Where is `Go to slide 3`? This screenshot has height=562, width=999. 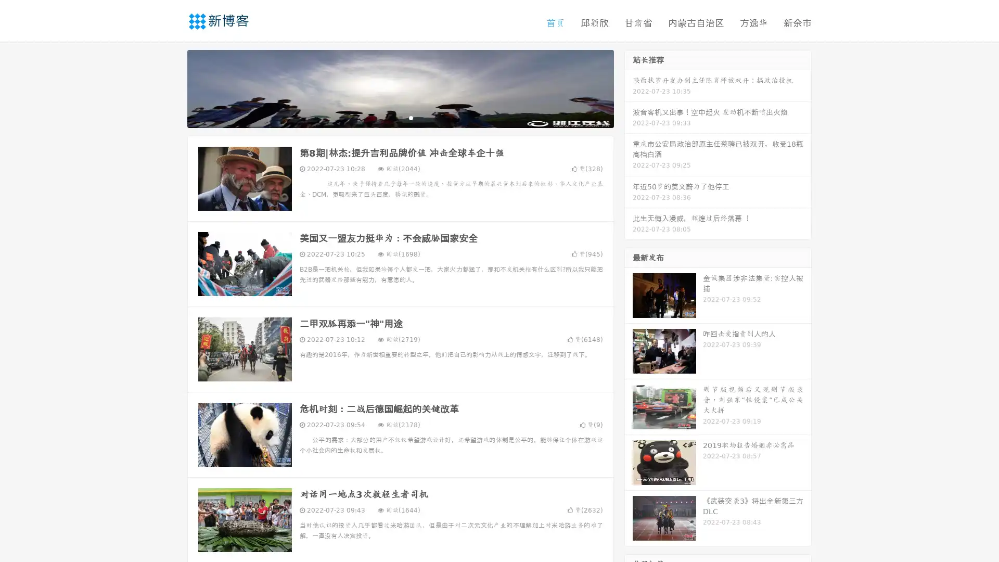 Go to slide 3 is located at coordinates (411, 117).